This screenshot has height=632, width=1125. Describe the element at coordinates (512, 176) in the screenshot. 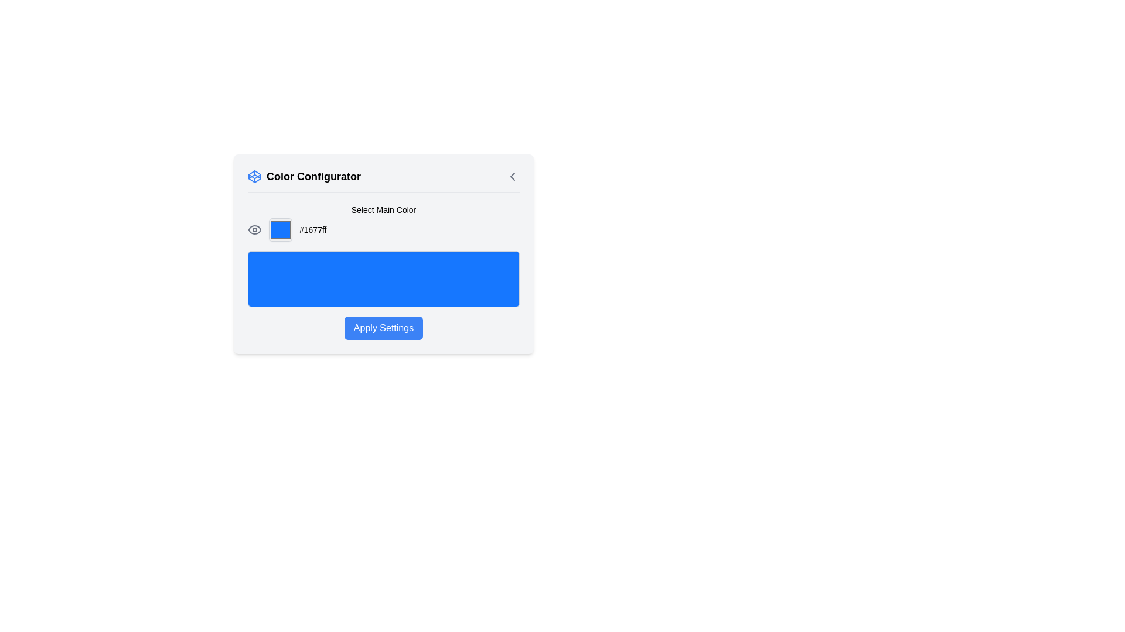

I see `the gray chevron-left icon button located at the top-right corner of the 'Color Configurator' panel` at that location.